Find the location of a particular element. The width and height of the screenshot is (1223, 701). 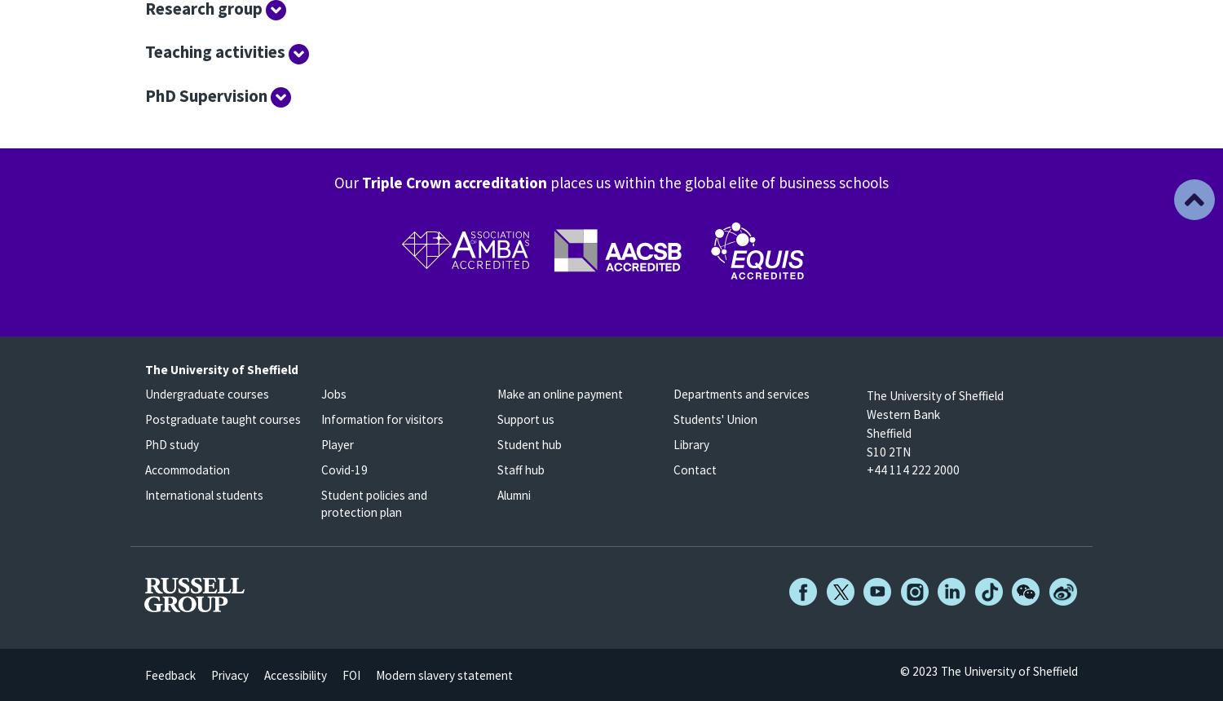

'Modern slavery statement' is located at coordinates (374, 673).